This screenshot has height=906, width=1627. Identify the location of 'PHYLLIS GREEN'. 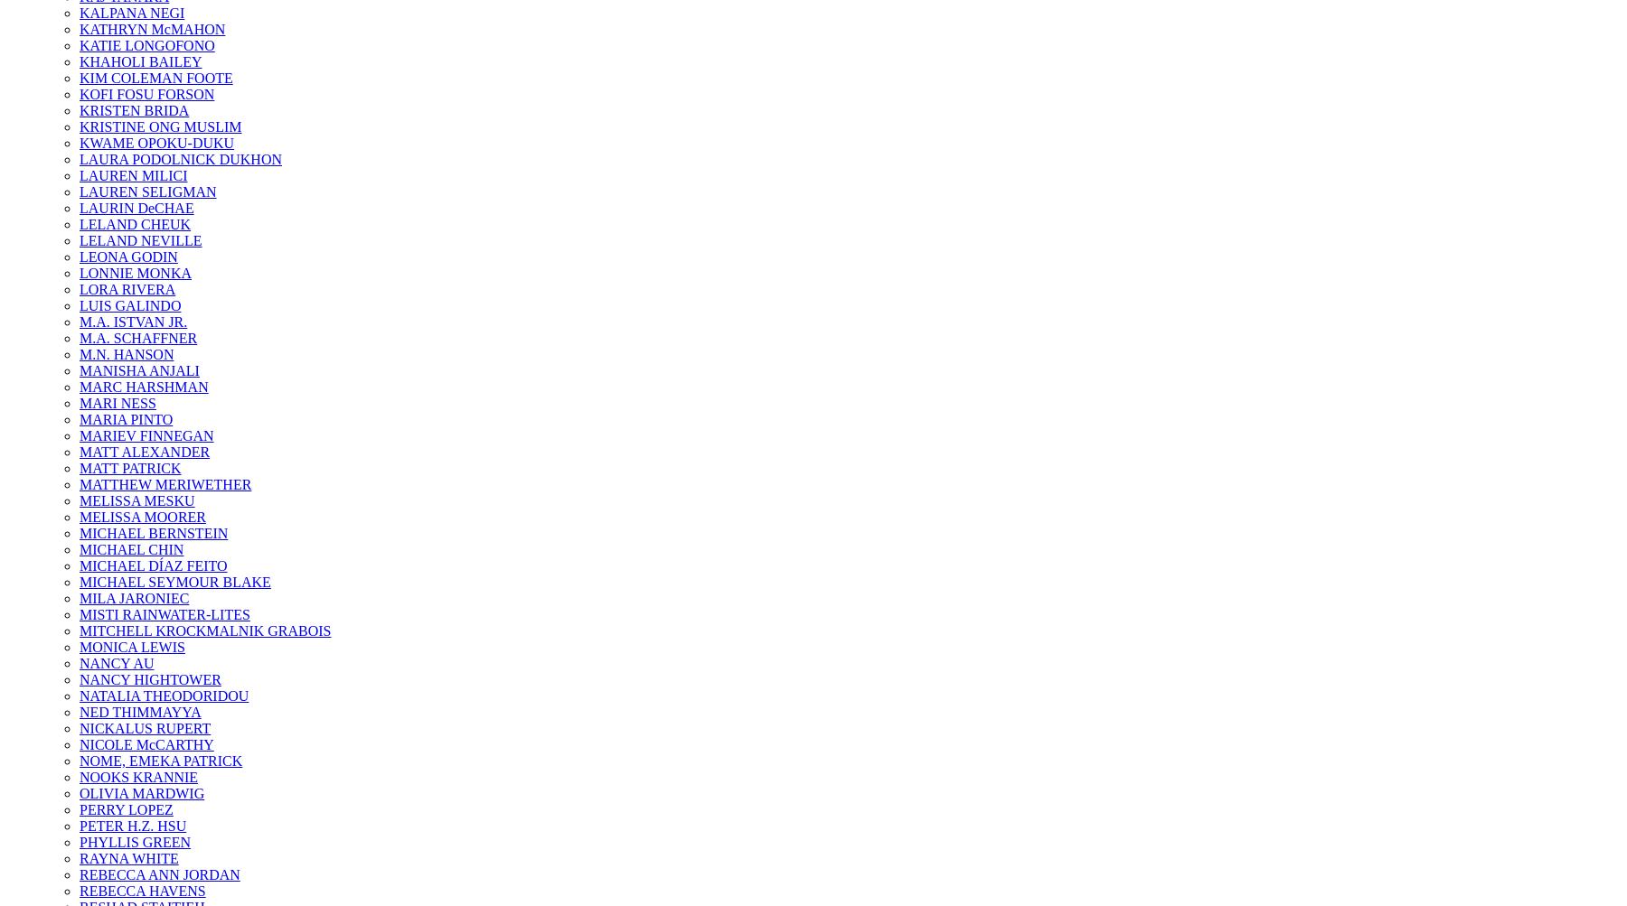
(135, 841).